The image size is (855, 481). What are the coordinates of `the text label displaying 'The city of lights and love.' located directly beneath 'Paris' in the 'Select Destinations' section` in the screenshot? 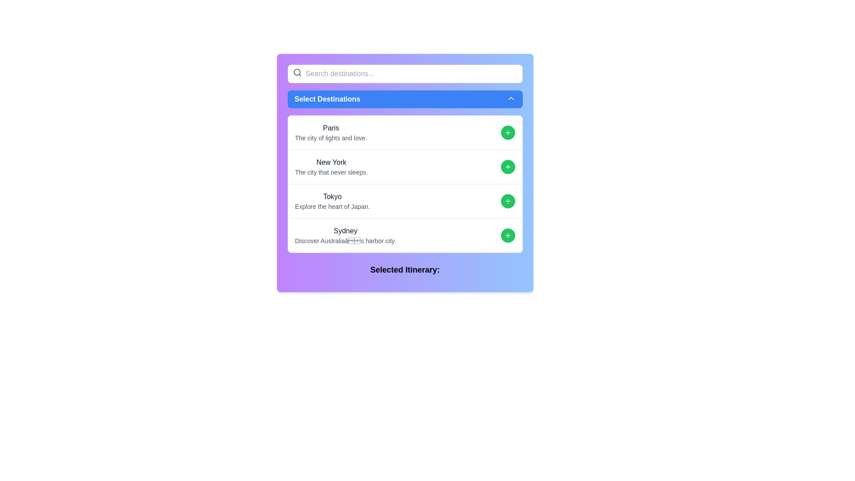 It's located at (330, 138).